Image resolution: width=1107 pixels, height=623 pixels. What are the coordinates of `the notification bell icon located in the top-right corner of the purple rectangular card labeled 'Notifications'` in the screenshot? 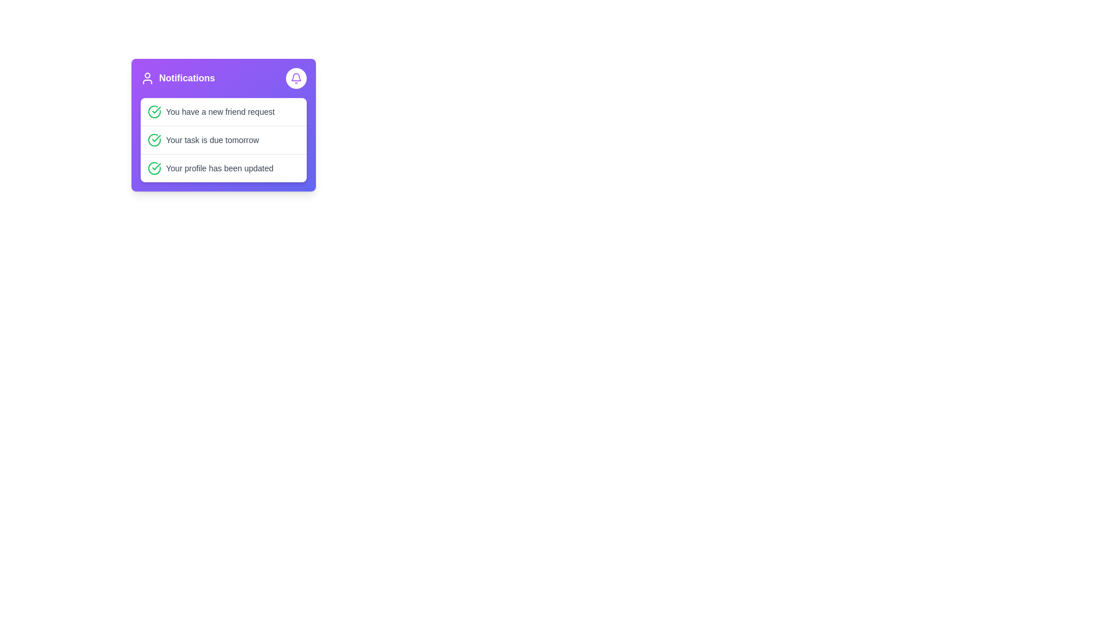 It's located at (296, 77).